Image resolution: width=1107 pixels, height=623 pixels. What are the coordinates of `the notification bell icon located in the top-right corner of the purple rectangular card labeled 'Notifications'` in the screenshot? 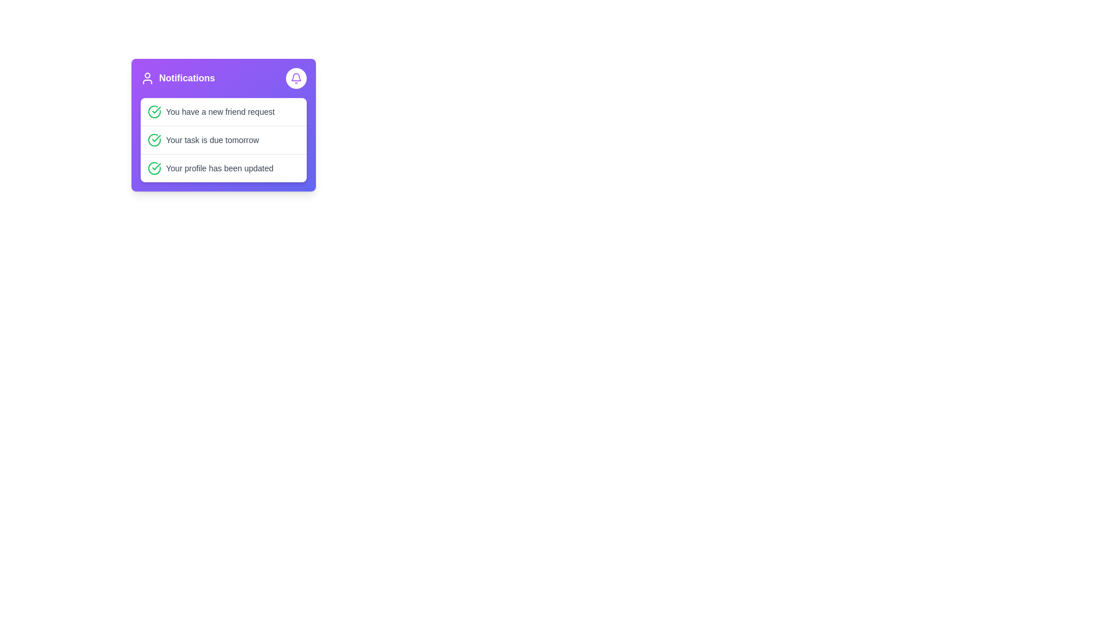 It's located at (296, 77).